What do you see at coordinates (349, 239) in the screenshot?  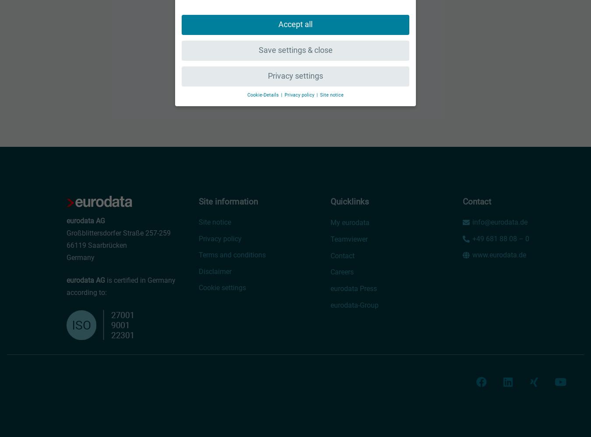 I see `'Teamviewer'` at bounding box center [349, 239].